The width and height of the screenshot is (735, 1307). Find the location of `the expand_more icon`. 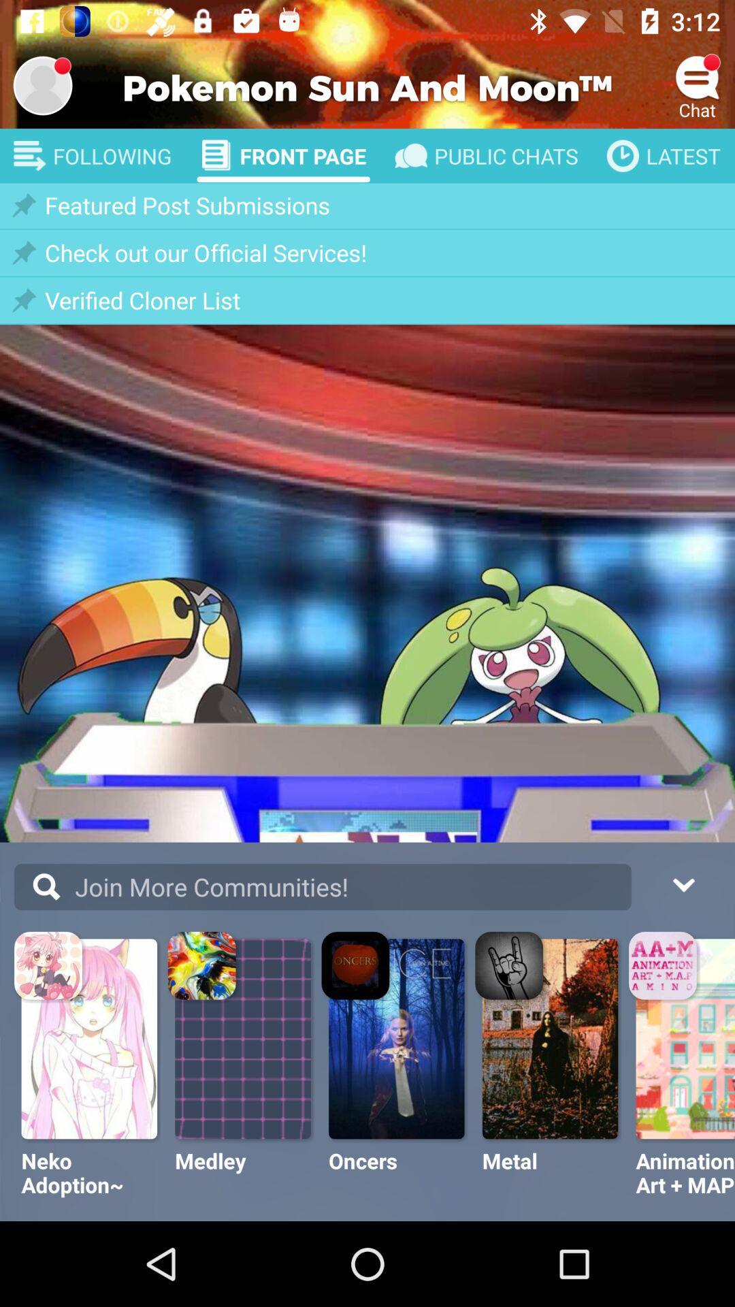

the expand_more icon is located at coordinates (683, 883).